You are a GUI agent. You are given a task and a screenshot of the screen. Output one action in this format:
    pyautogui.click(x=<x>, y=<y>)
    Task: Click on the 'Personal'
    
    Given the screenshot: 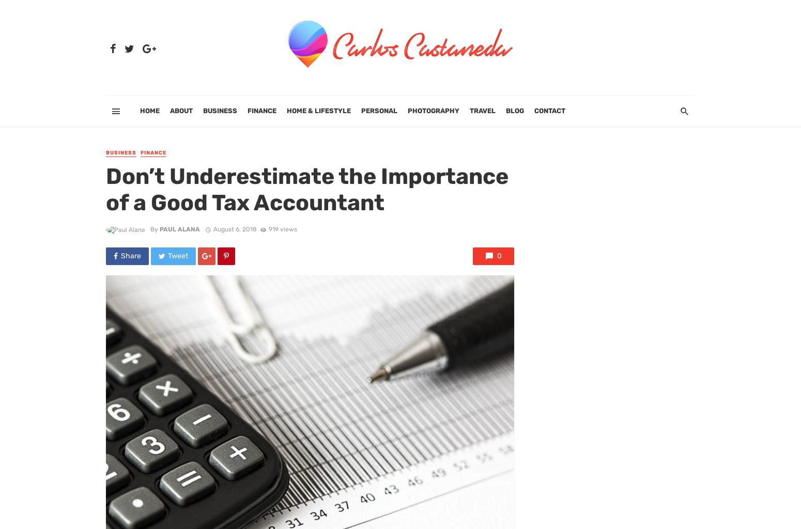 What is the action you would take?
    pyautogui.click(x=379, y=110)
    